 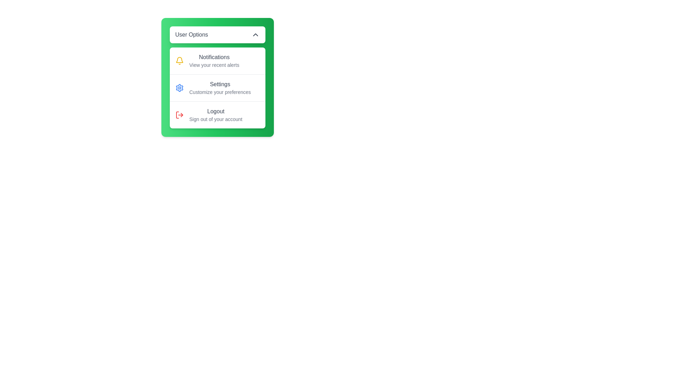 I want to click on the 'Settings' text label with descriptive subtext and associated gear icon, so click(x=220, y=88).